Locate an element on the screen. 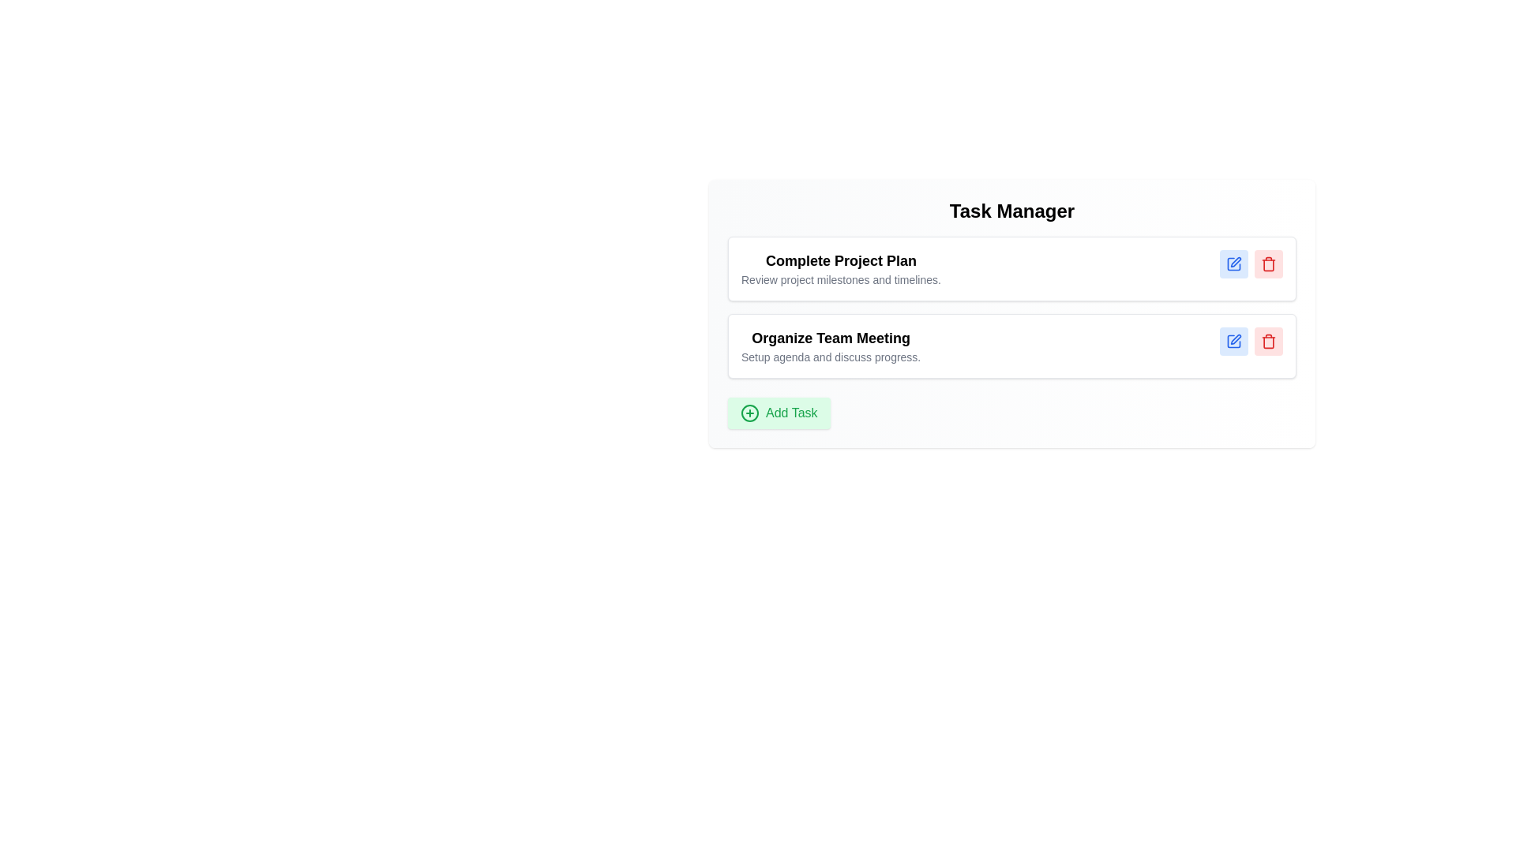 The height and width of the screenshot is (852, 1516). the 'Add Task' button to add a new task to the list is located at coordinates (778, 413).